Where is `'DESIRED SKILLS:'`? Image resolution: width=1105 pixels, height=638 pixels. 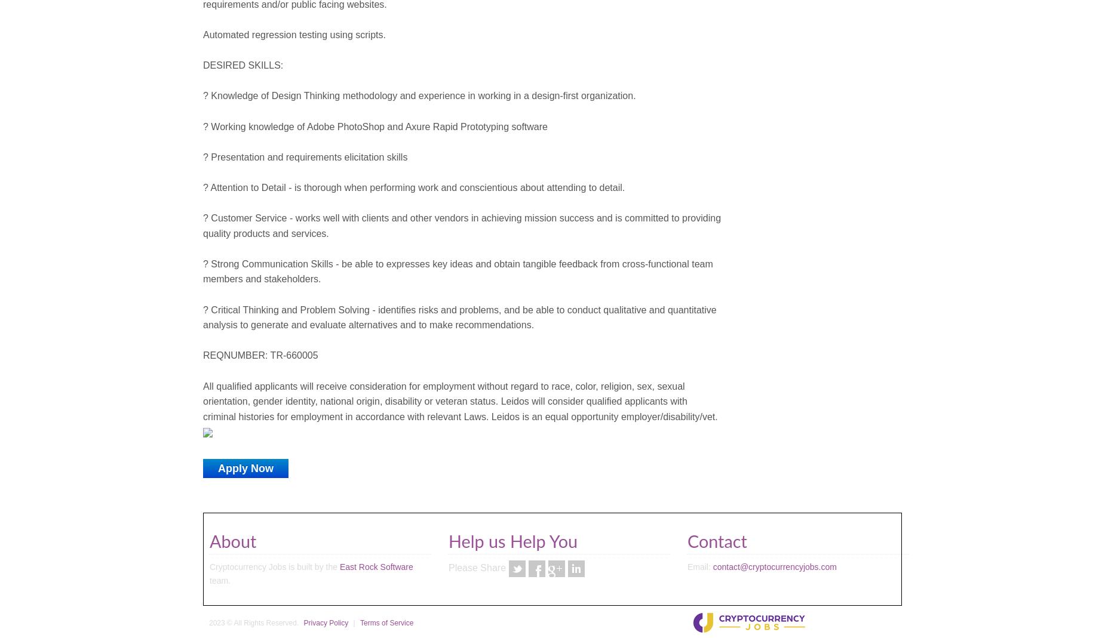 'DESIRED SKILLS:' is located at coordinates (243, 65).